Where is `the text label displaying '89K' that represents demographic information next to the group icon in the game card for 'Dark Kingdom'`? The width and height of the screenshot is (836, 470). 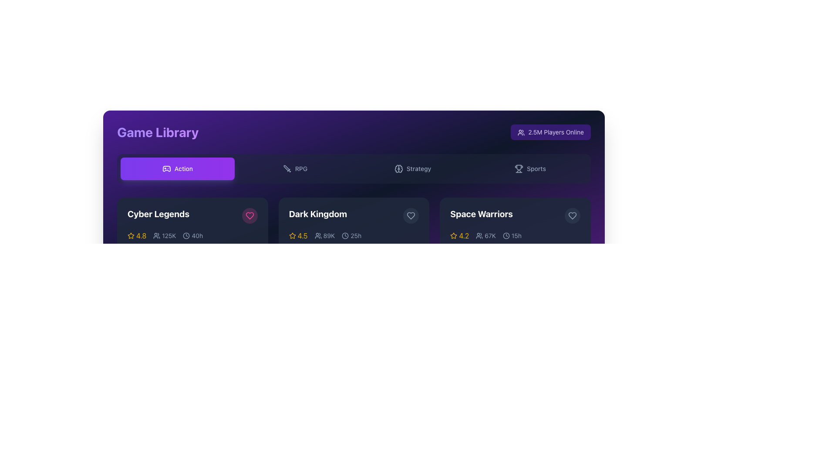 the text label displaying '89K' that represents demographic information next to the group icon in the game card for 'Dark Kingdom' is located at coordinates (328, 236).